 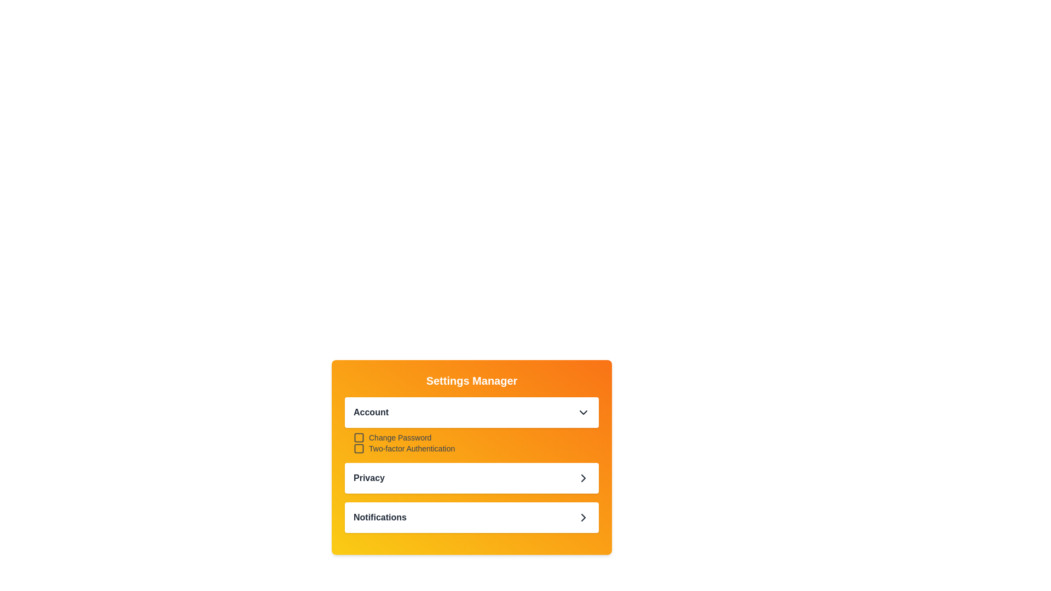 I want to click on the right-pointing chevron icon located at the far-right side of the 'Privacy' section in the Settings Manager interface, so click(x=582, y=478).